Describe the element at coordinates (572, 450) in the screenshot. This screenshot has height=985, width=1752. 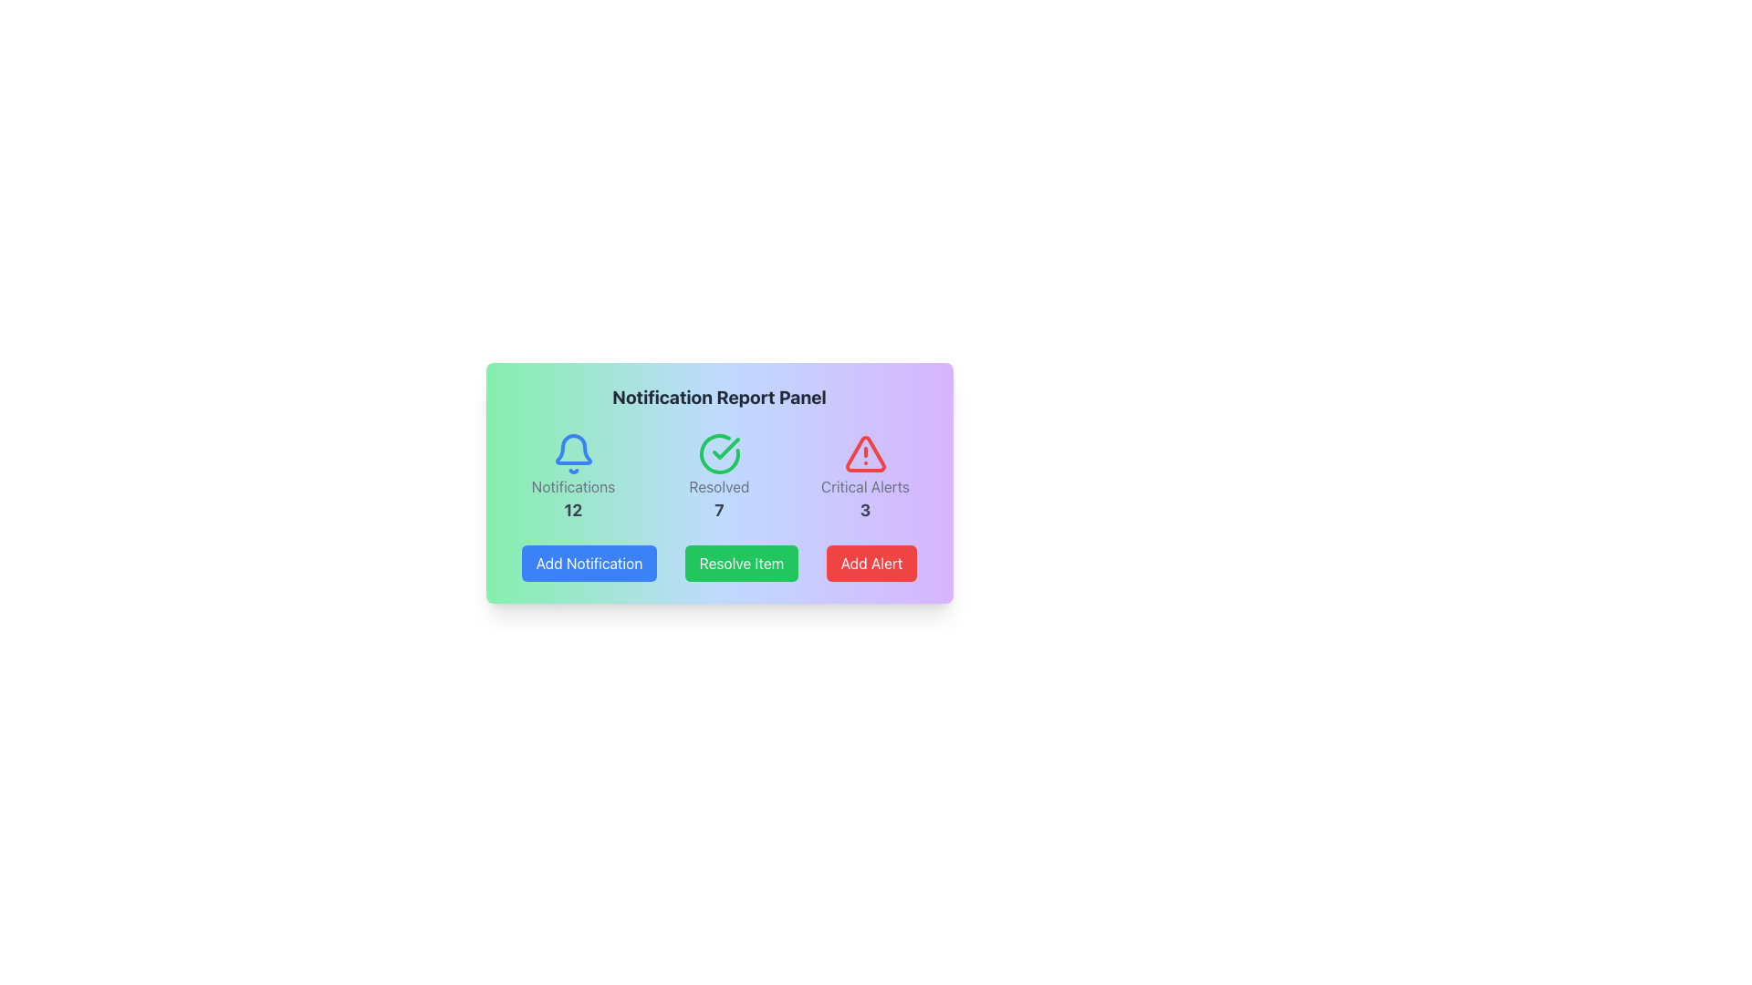
I see `bell-shaped icon in the Notifications section, which is styled in blue and positioned above the text 'Notifications' and '12'` at that location.